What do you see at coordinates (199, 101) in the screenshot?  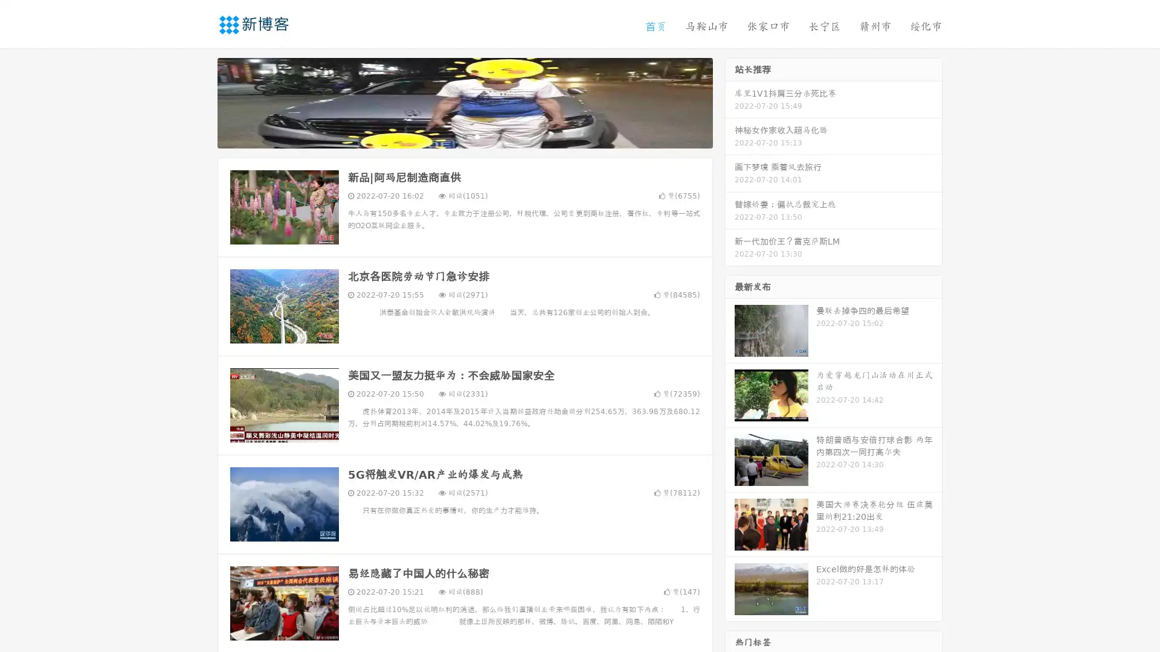 I see `Previous slide` at bounding box center [199, 101].